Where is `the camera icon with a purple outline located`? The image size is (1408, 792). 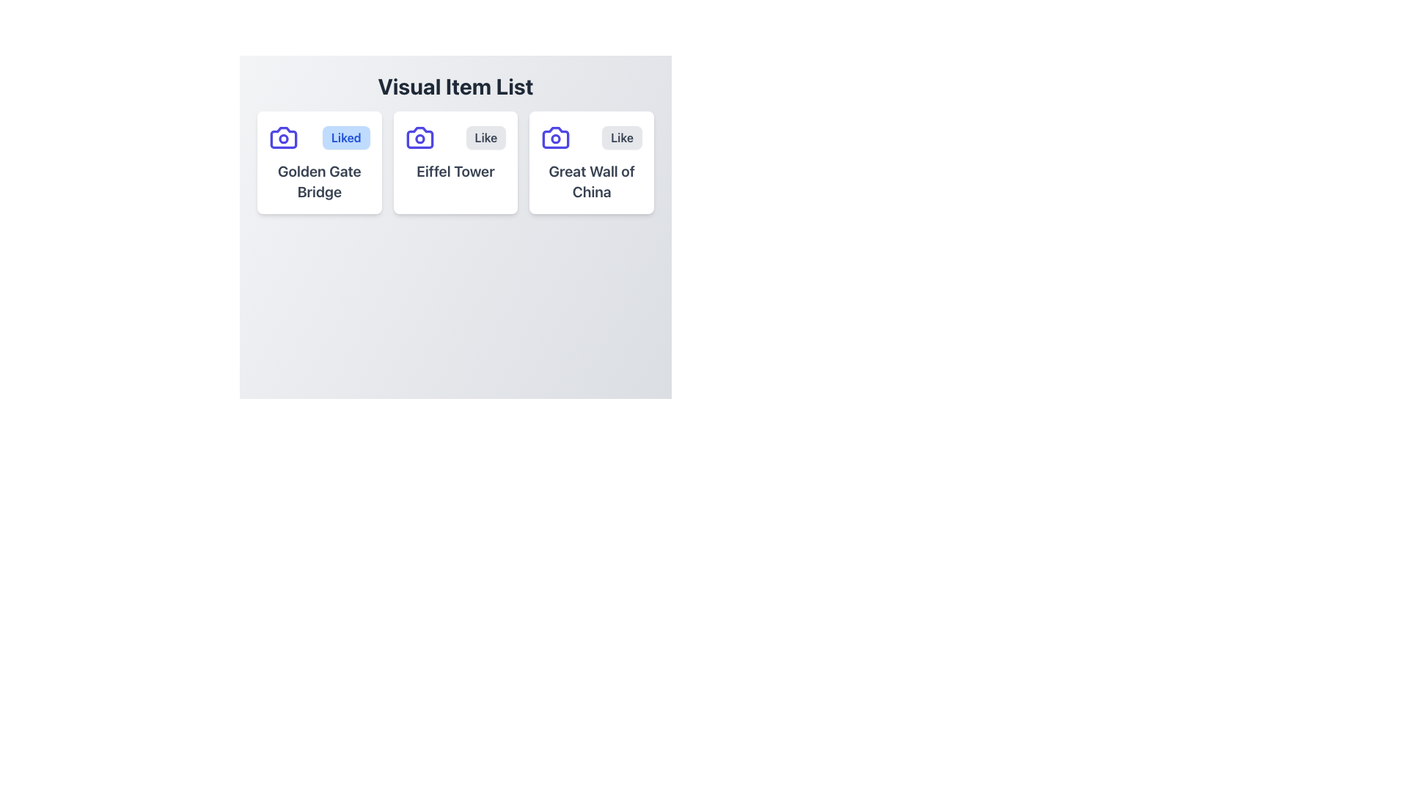 the camera icon with a purple outline located is located at coordinates (555, 138).